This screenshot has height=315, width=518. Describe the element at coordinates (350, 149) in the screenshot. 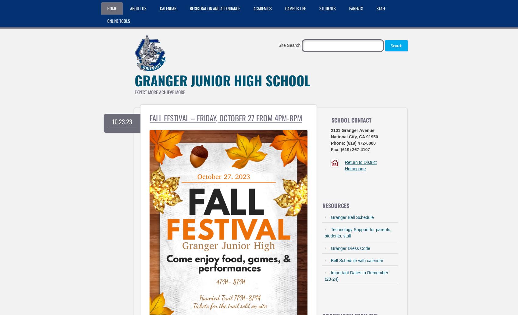

I see `'Fax: (619) 267-4107'` at that location.